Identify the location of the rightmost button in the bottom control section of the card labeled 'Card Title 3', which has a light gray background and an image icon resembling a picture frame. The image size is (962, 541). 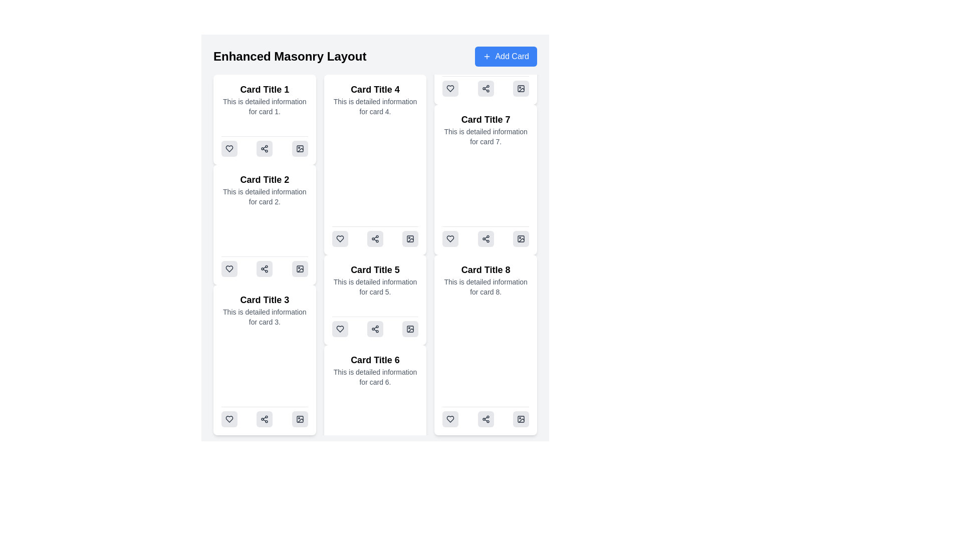
(299, 419).